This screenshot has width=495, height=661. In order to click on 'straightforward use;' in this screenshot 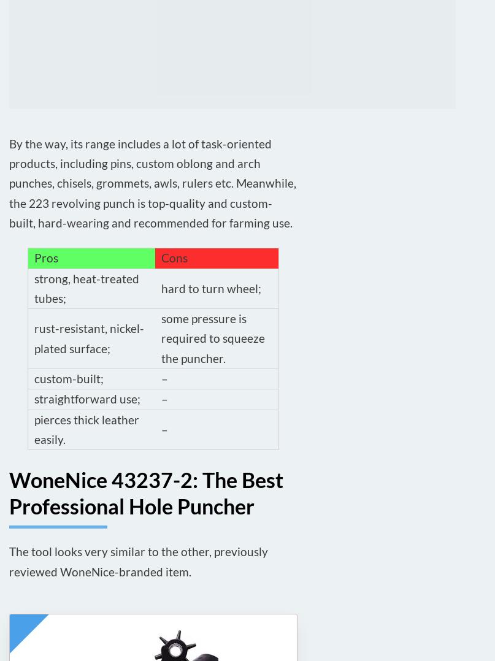, I will do `click(86, 398)`.